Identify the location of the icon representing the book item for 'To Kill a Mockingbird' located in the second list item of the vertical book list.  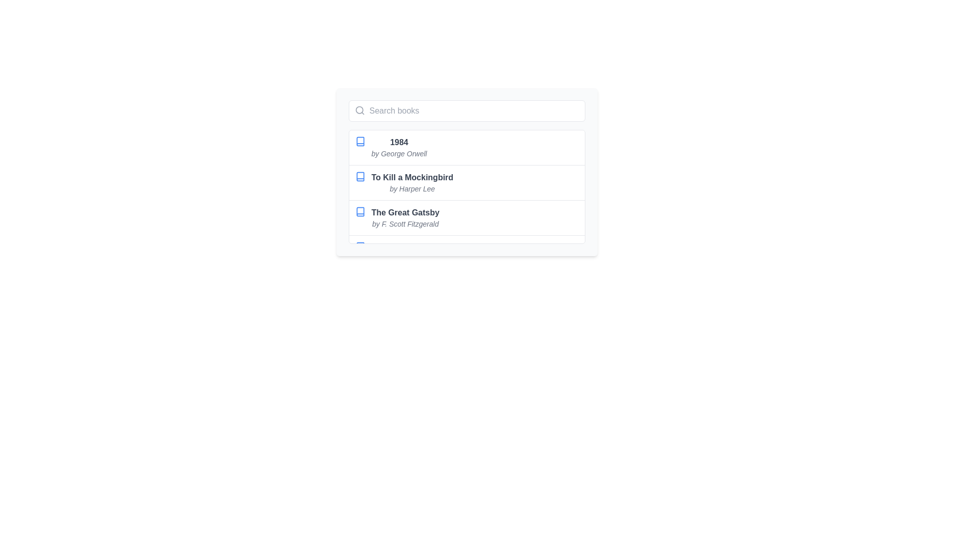
(360, 176).